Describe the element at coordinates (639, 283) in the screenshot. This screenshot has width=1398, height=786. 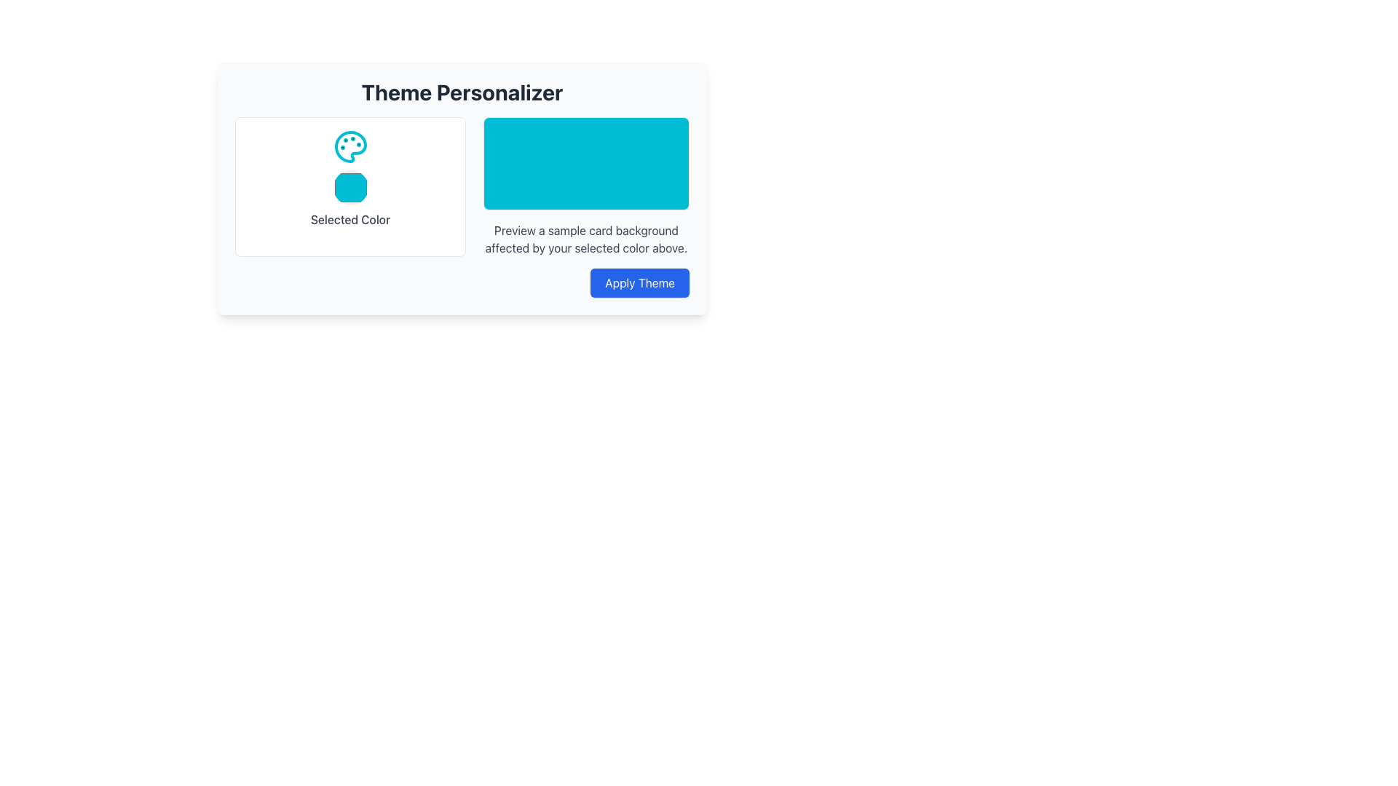
I see `the 'Apply Theme' button, which has a blue background and white text, to observe visual feedback` at that location.